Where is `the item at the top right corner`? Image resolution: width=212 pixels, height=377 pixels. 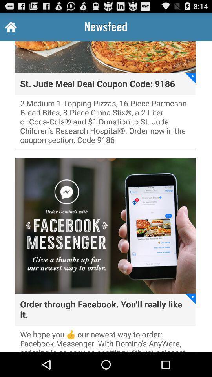
the item at the top right corner is located at coordinates (190, 78).